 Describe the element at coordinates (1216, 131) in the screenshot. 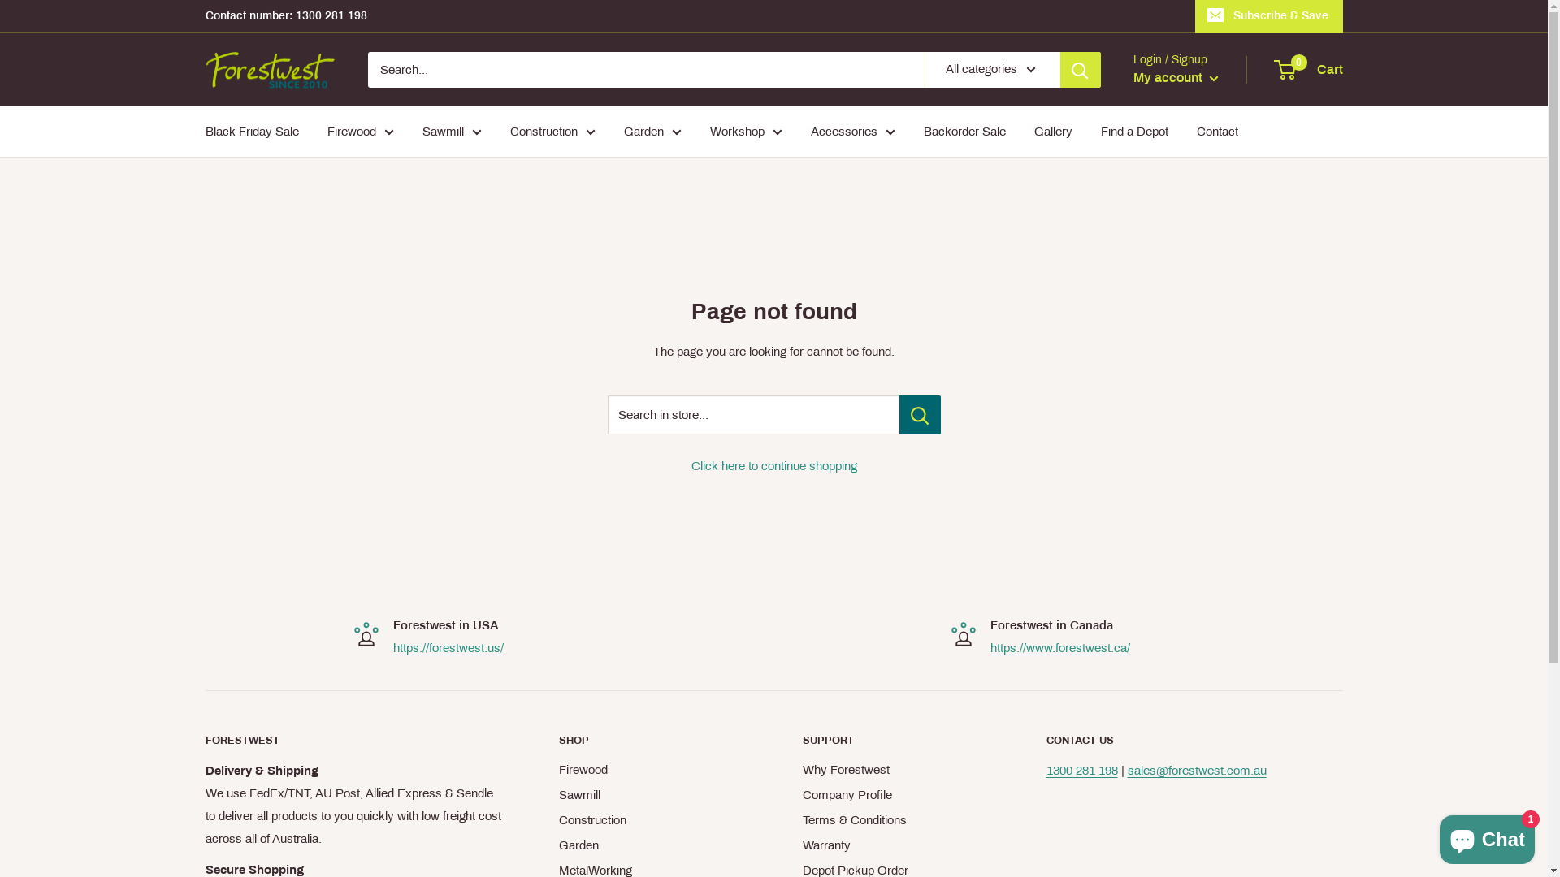

I see `'Contact'` at that location.